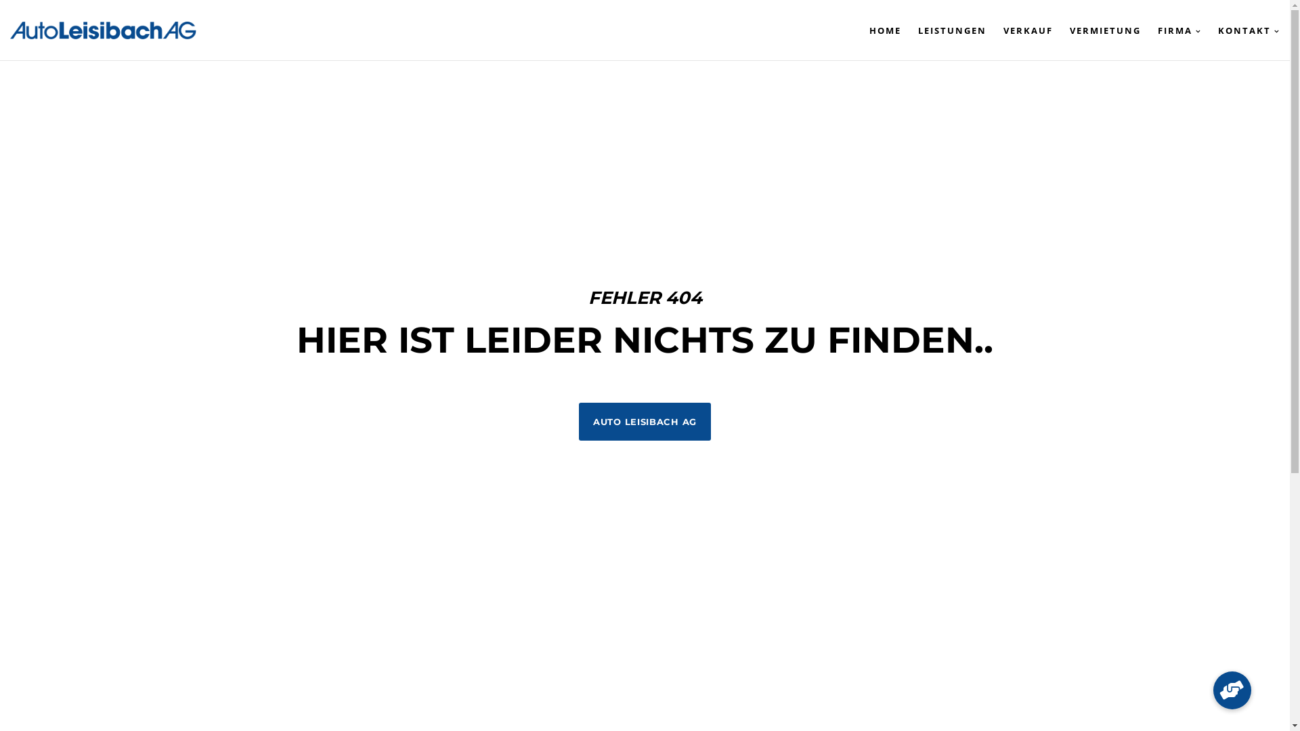 The width and height of the screenshot is (1300, 731). What do you see at coordinates (644, 421) in the screenshot?
I see `'AUTO LEISIBACH AG'` at bounding box center [644, 421].